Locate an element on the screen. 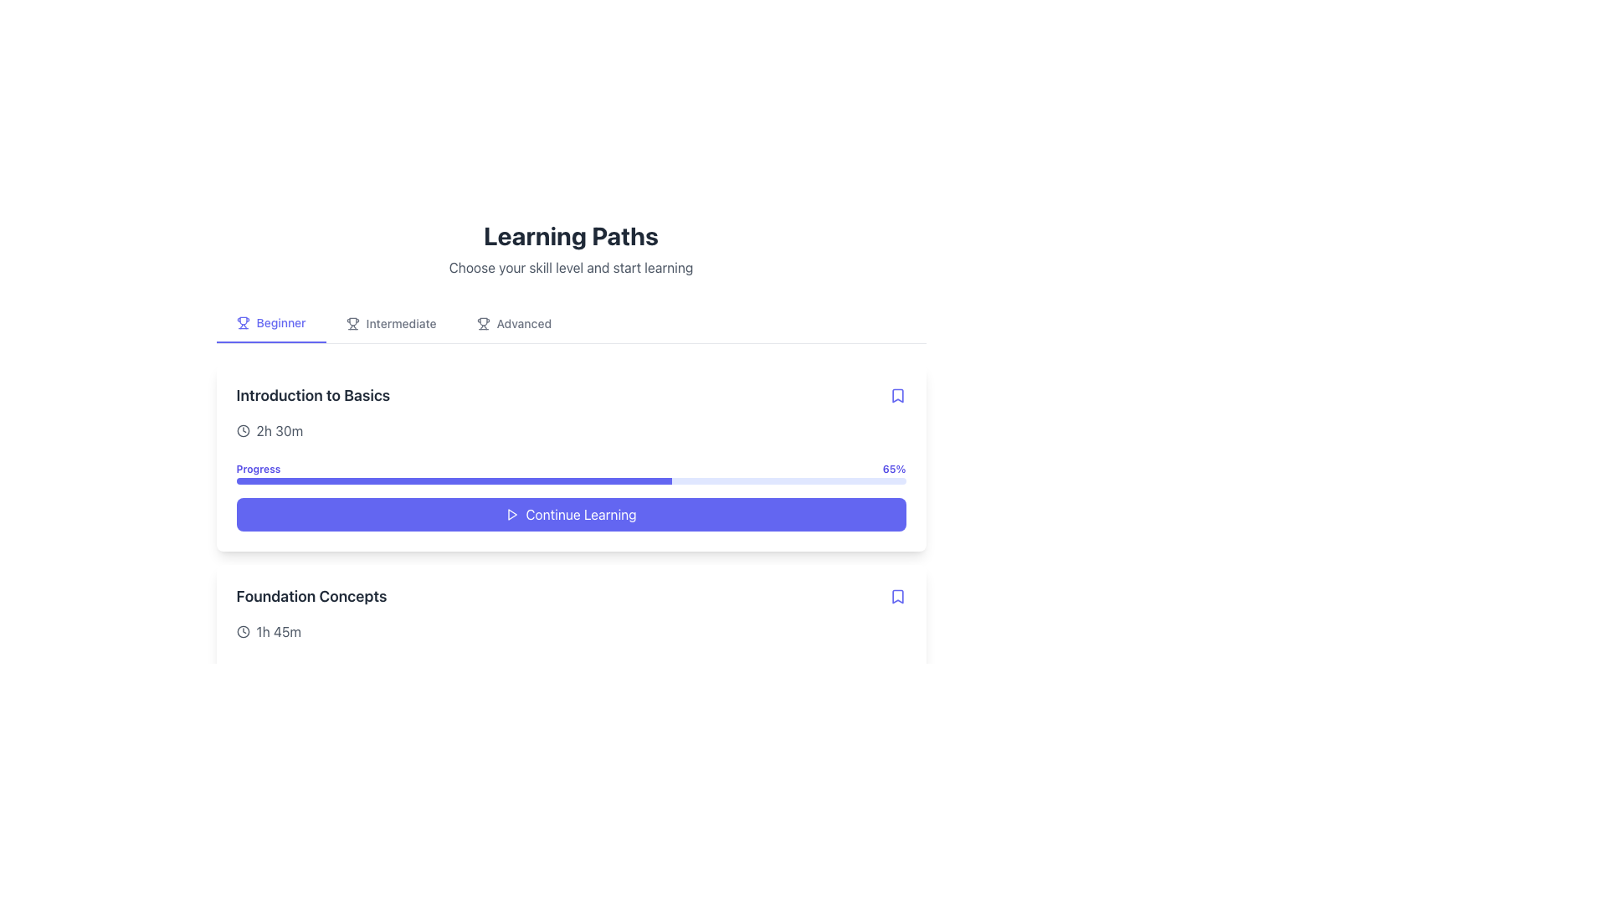 This screenshot has height=904, width=1607. the trophy-shaped icon, which is gray and located to the left of the 'Intermediate' text is located at coordinates (352, 323).